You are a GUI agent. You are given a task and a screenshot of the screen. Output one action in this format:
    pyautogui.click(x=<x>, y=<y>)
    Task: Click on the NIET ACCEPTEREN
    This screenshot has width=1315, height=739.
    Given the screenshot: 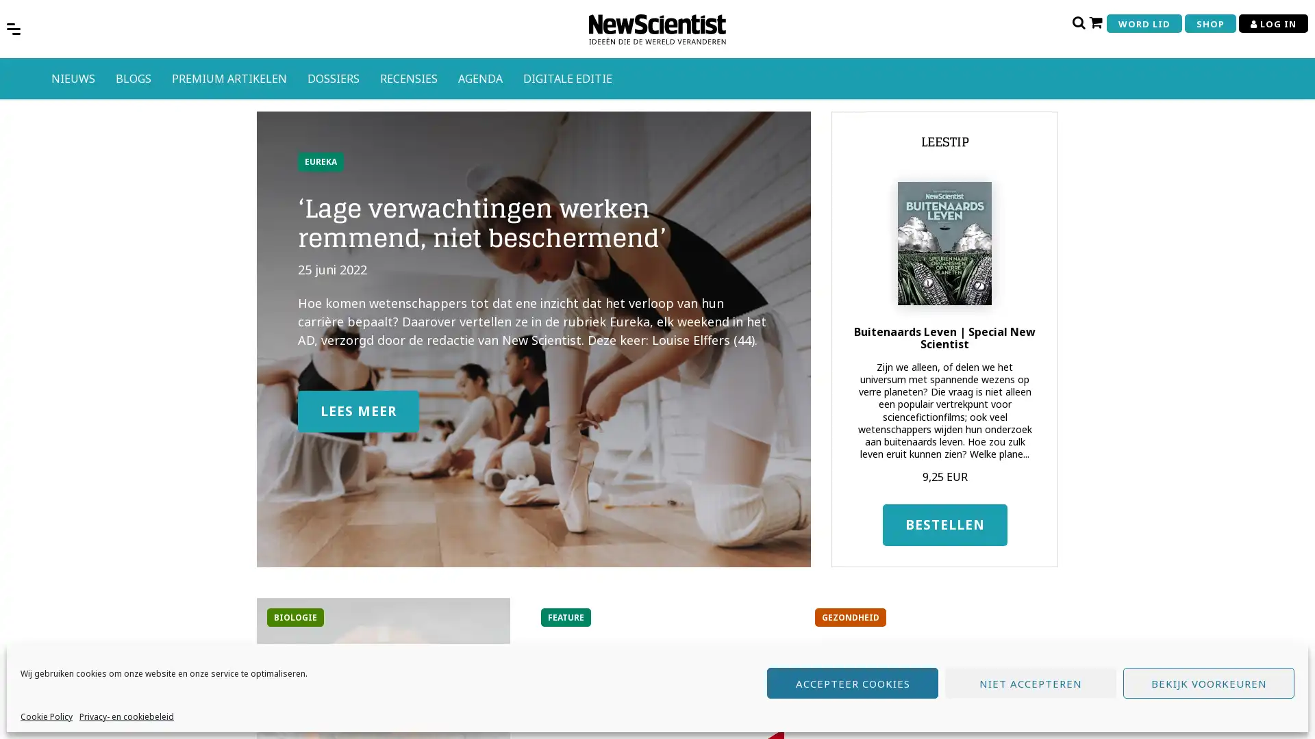 What is the action you would take?
    pyautogui.click(x=1031, y=683)
    